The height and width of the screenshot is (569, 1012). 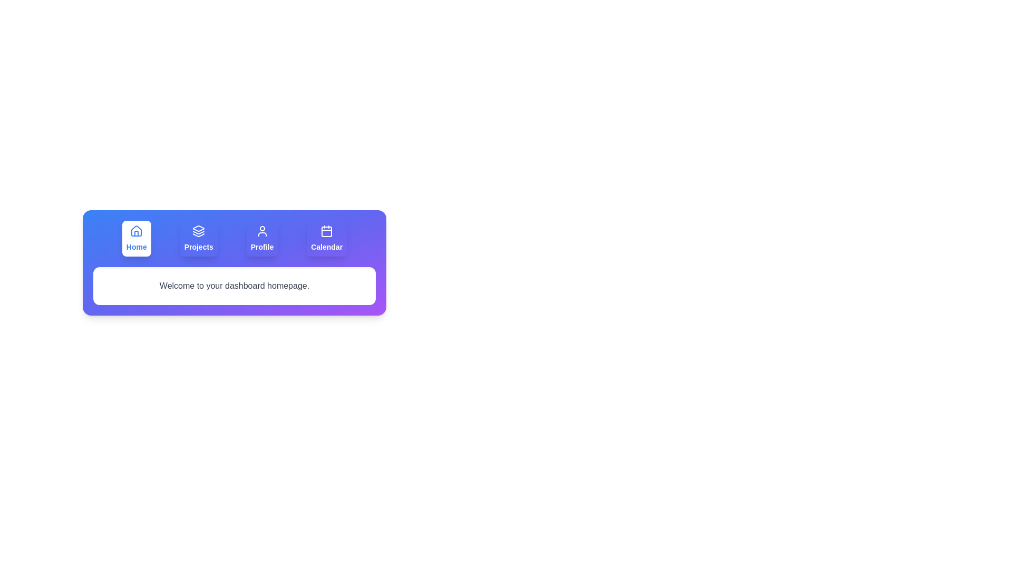 I want to click on the tab button labeled Calendar, so click(x=326, y=238).